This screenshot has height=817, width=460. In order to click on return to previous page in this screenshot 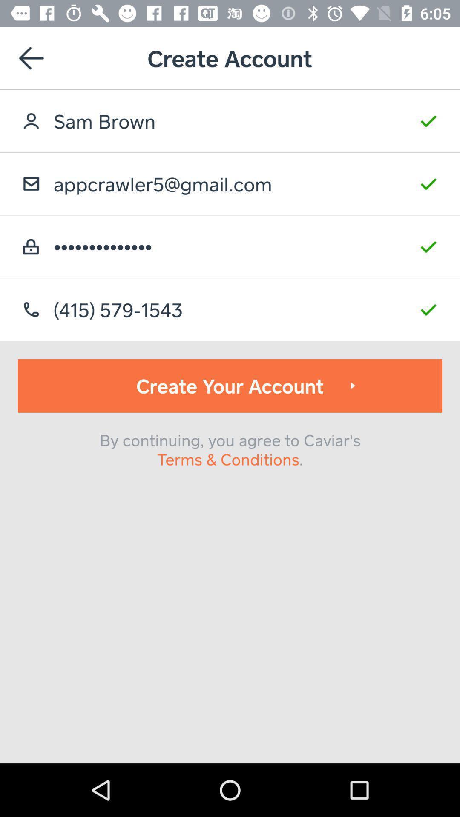, I will do `click(31, 57)`.